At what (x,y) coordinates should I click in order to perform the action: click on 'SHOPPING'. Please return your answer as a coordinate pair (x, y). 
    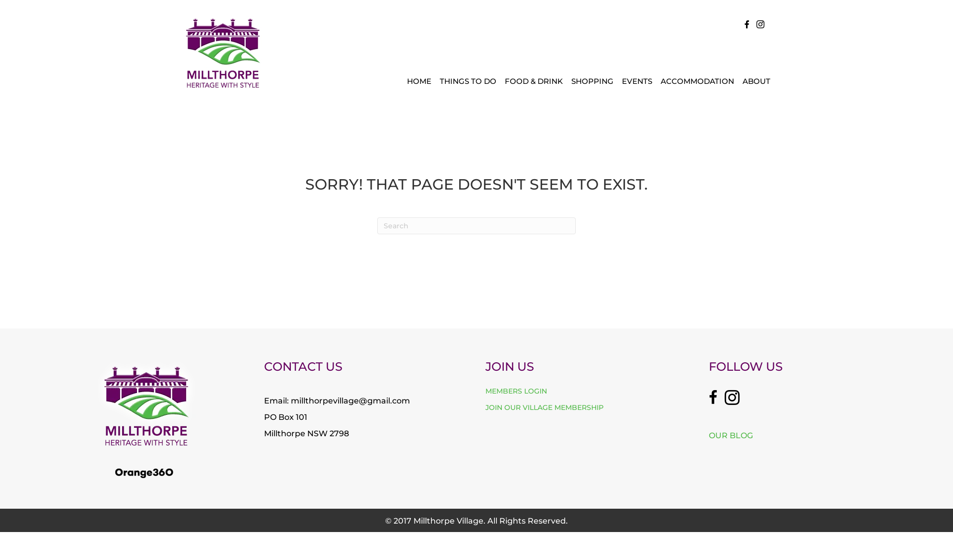
    Looking at the image, I should click on (592, 80).